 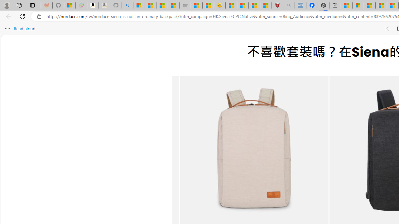 I want to click on '12 Popular Science Lies that Must be Corrected', so click(x=266, y=5).